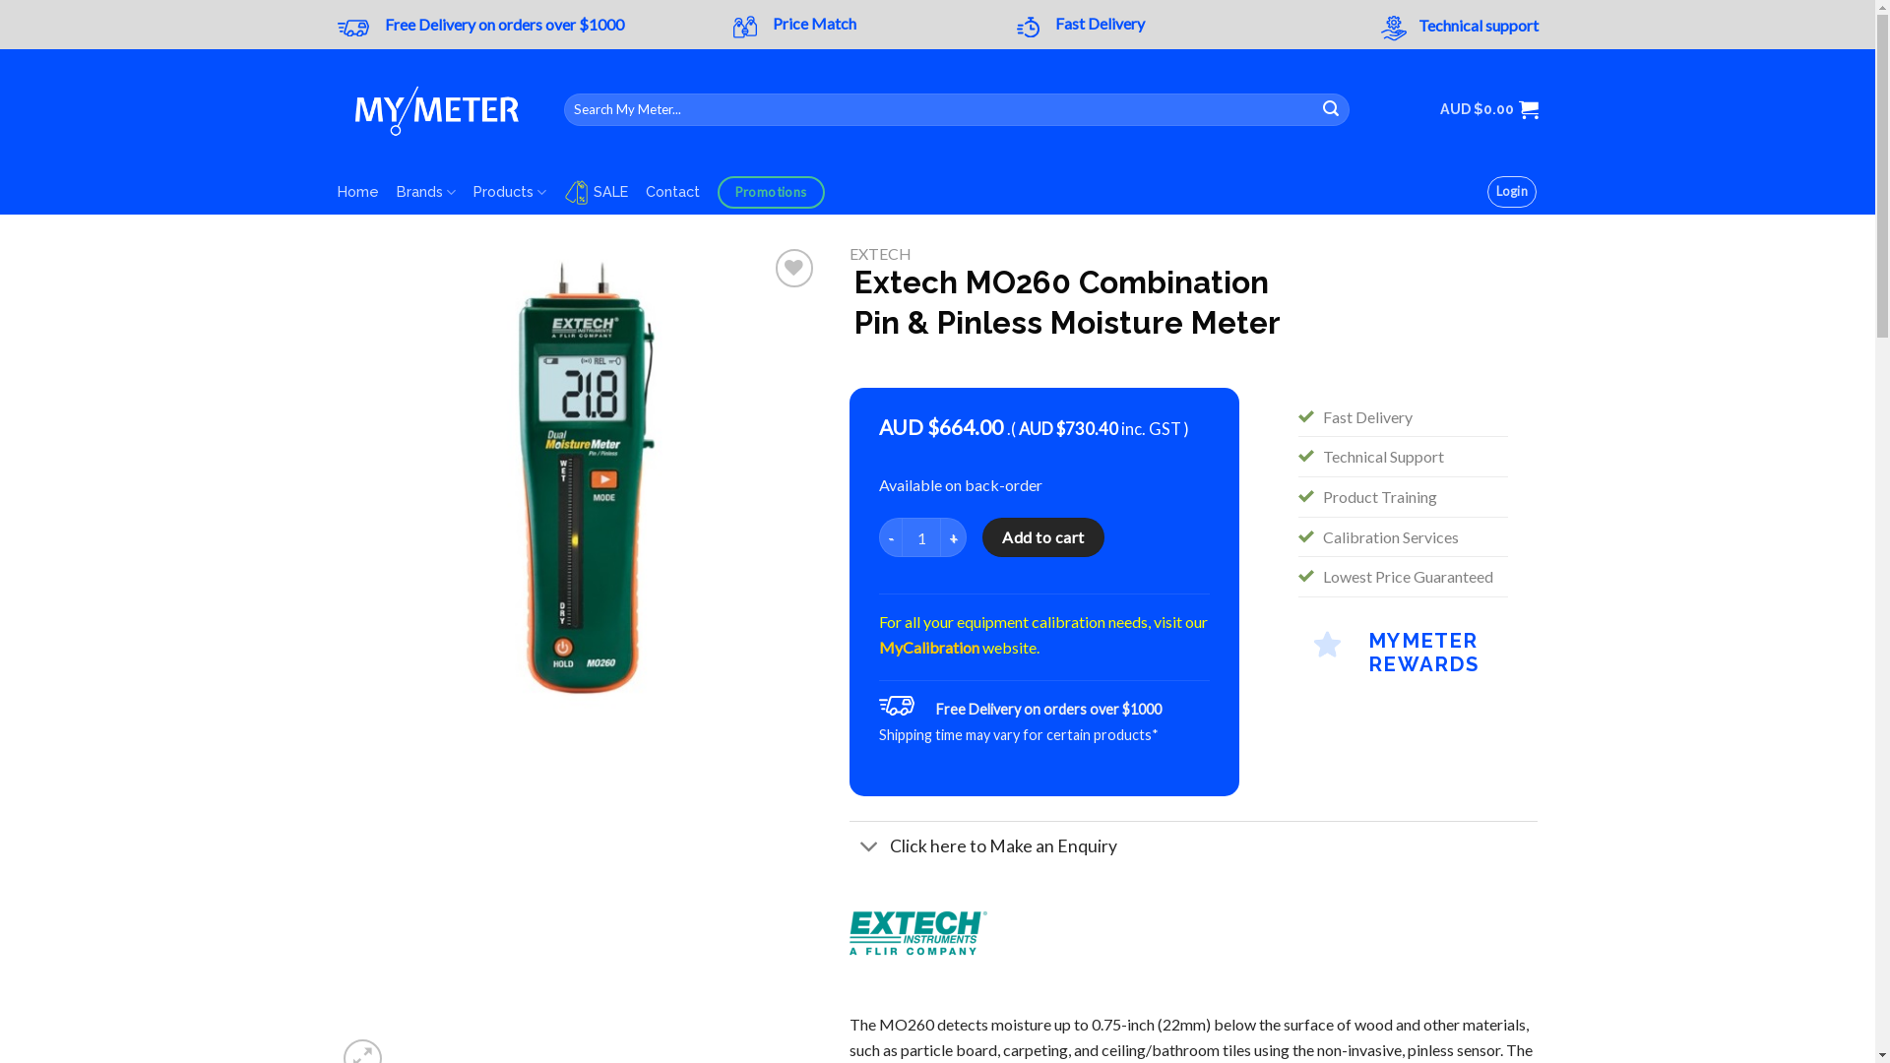 This screenshot has height=1063, width=1890. What do you see at coordinates (1488, 109) in the screenshot?
I see `'AUD $0.00'` at bounding box center [1488, 109].